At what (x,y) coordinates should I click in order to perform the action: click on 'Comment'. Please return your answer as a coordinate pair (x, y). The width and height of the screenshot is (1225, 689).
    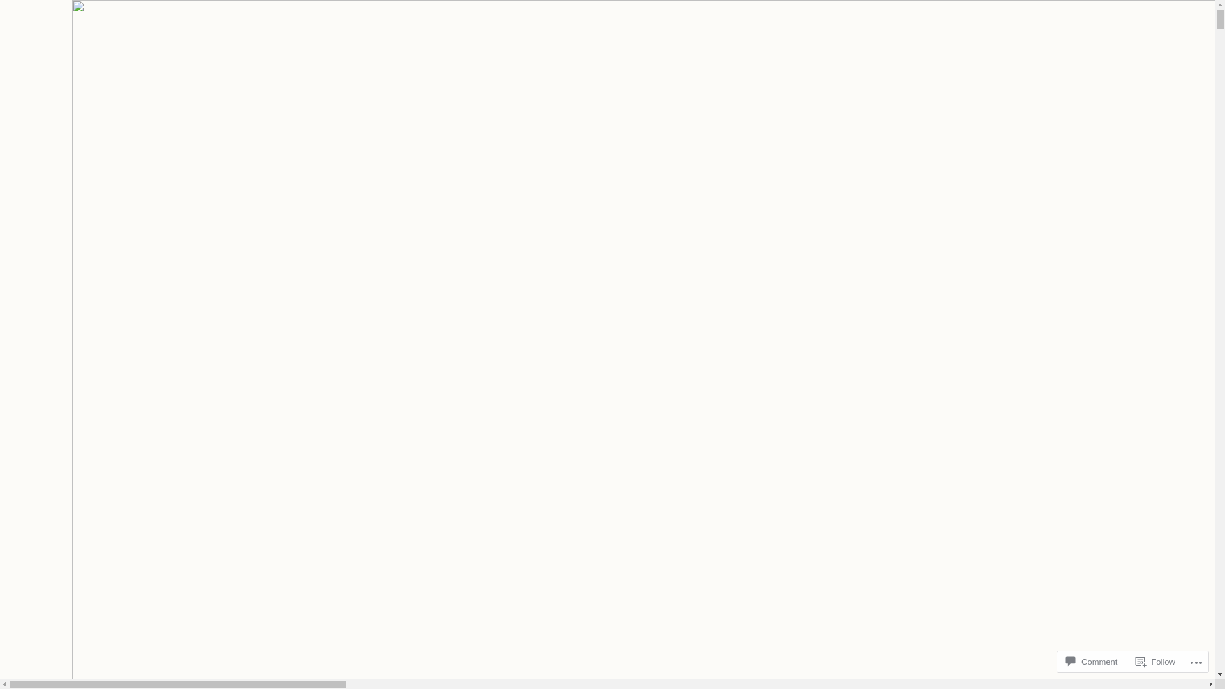
    Looking at the image, I should click on (1090, 661).